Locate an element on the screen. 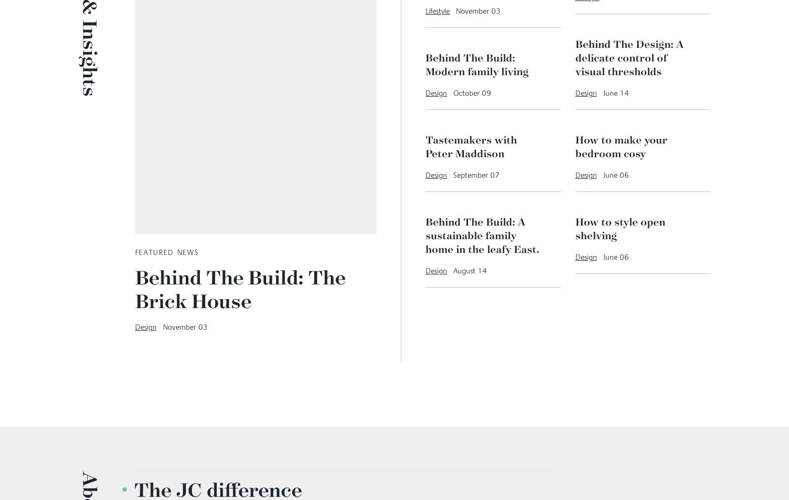 The image size is (789, 500). 'June 14' is located at coordinates (603, 228).